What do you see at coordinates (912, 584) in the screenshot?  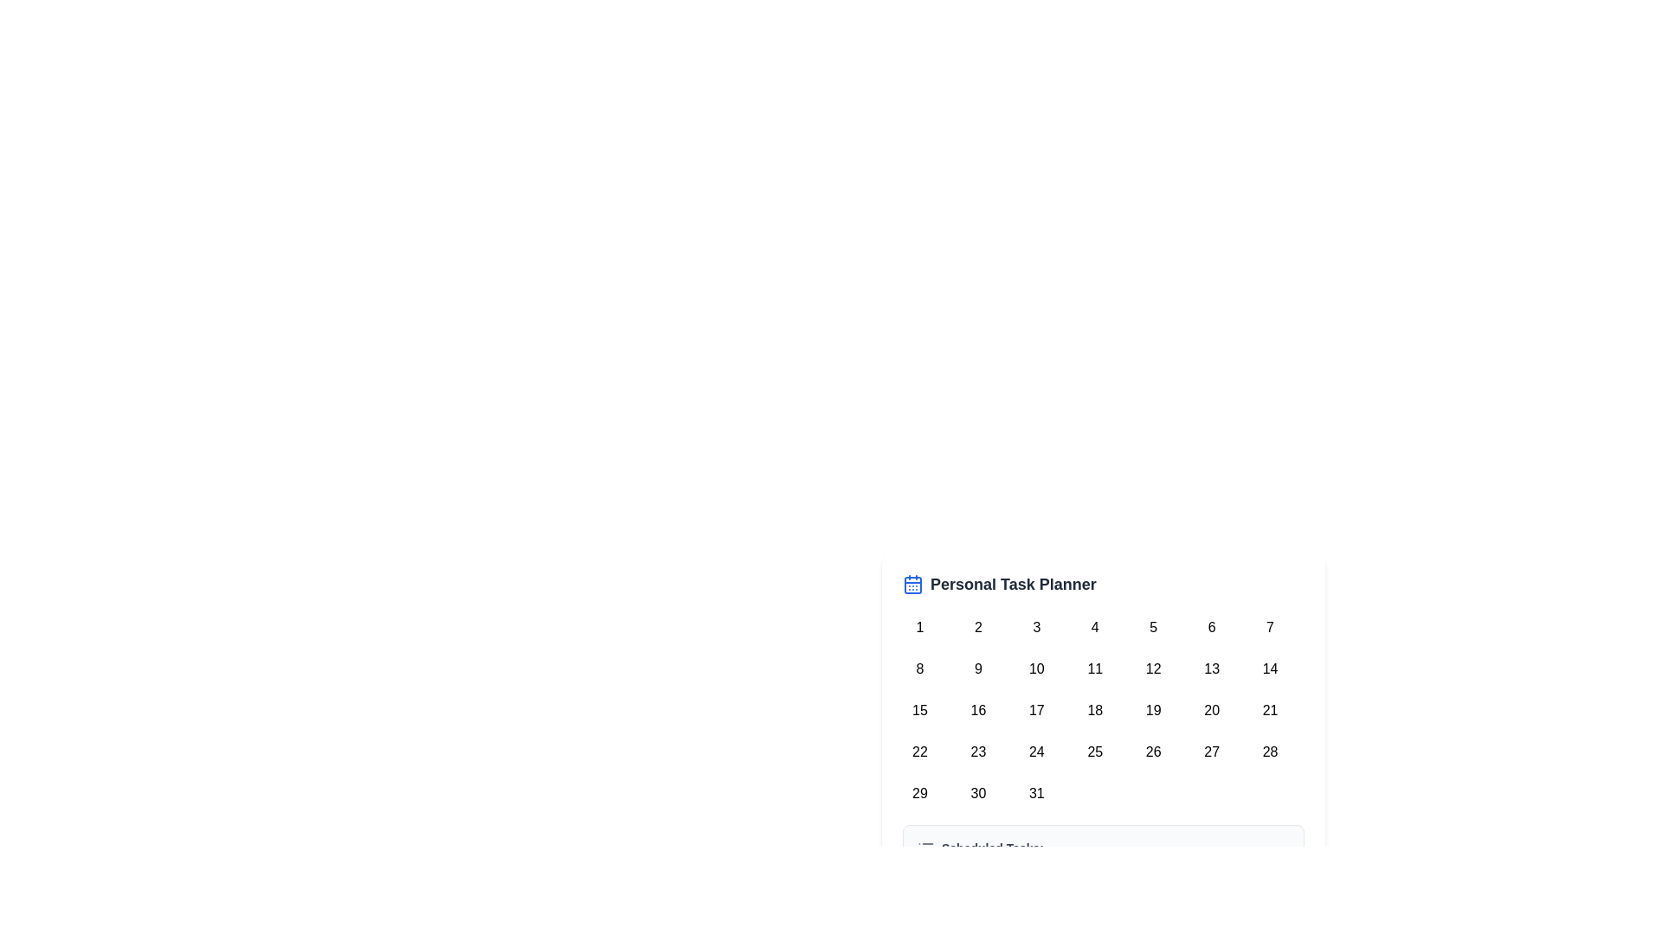 I see `the calendar icon located to the left of the 'Personal Task Planner' title at the top of the calendar display` at bounding box center [912, 584].